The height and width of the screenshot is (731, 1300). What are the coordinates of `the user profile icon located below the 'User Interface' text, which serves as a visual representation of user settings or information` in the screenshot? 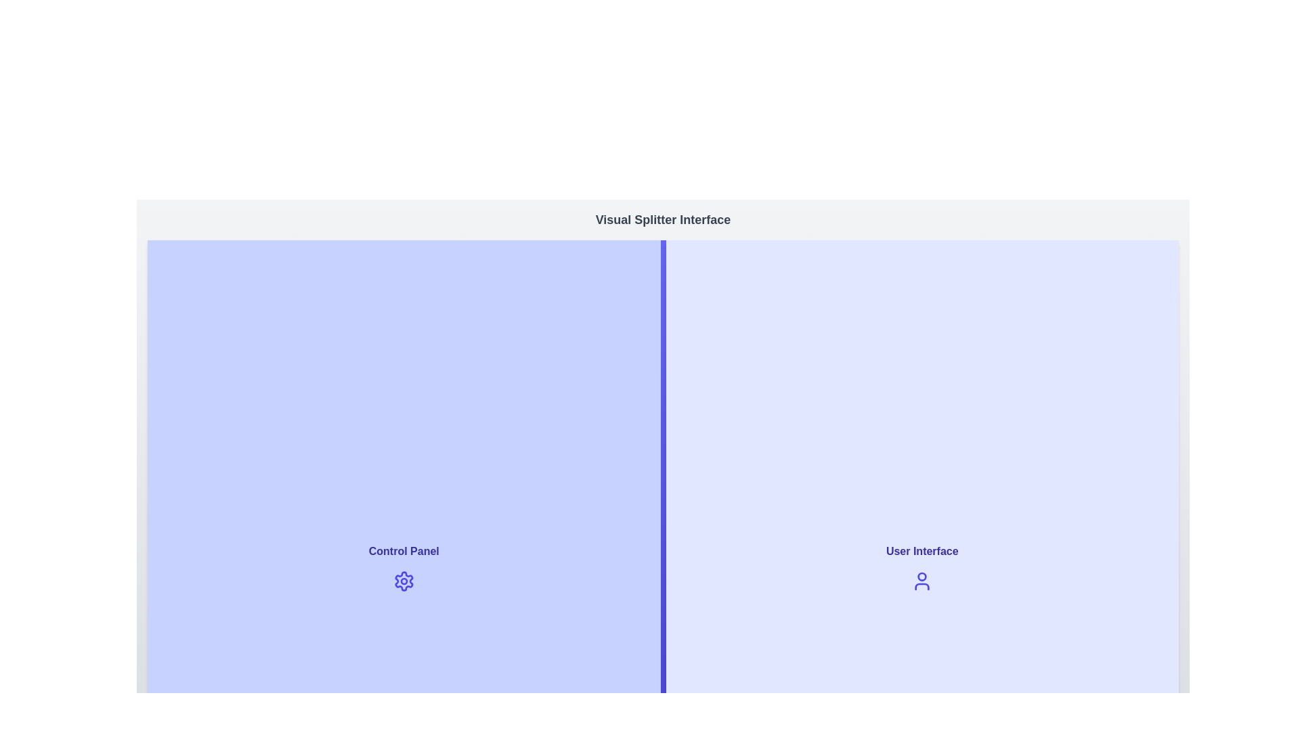 It's located at (922, 581).